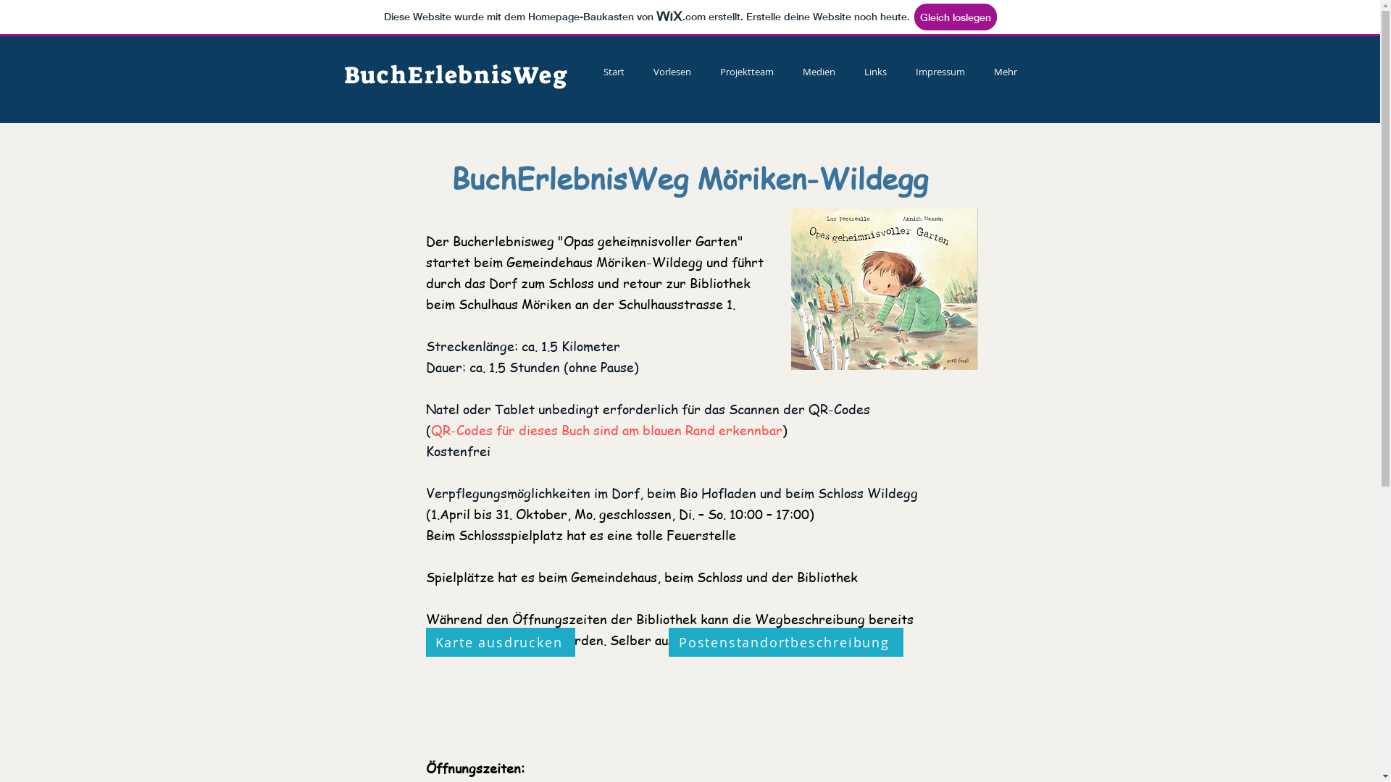 The image size is (1391, 782). I want to click on 'Impressum', so click(900, 72).